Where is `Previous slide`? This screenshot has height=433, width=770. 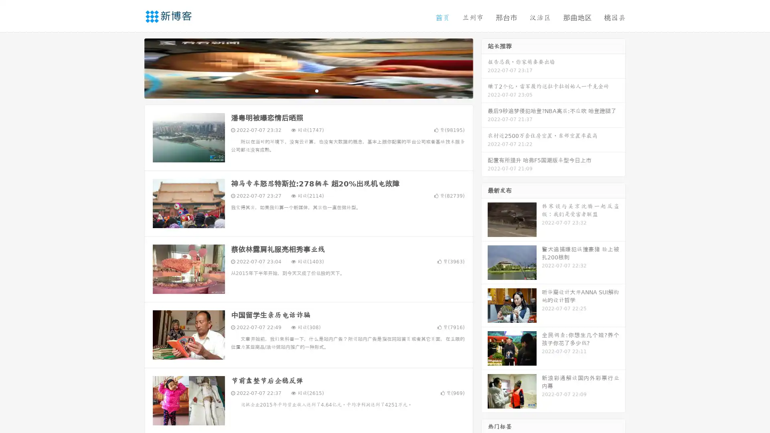
Previous slide is located at coordinates (132, 67).